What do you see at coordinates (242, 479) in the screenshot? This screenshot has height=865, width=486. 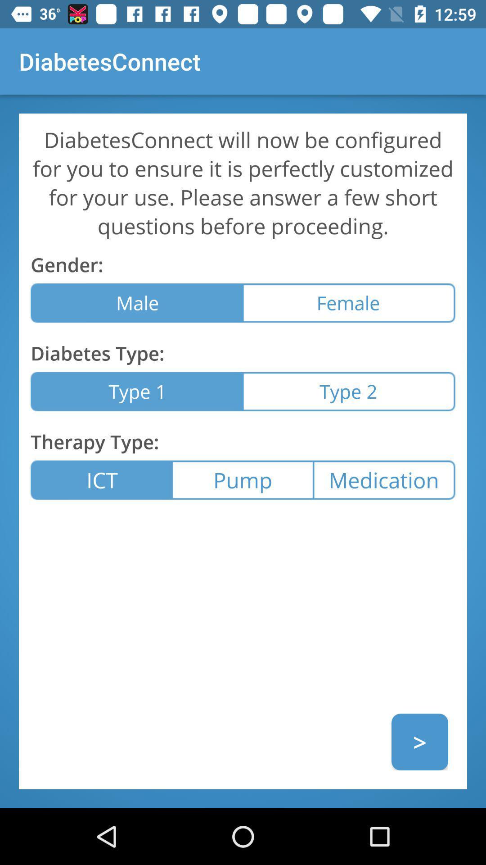 I see `icon next to ict item` at bounding box center [242, 479].